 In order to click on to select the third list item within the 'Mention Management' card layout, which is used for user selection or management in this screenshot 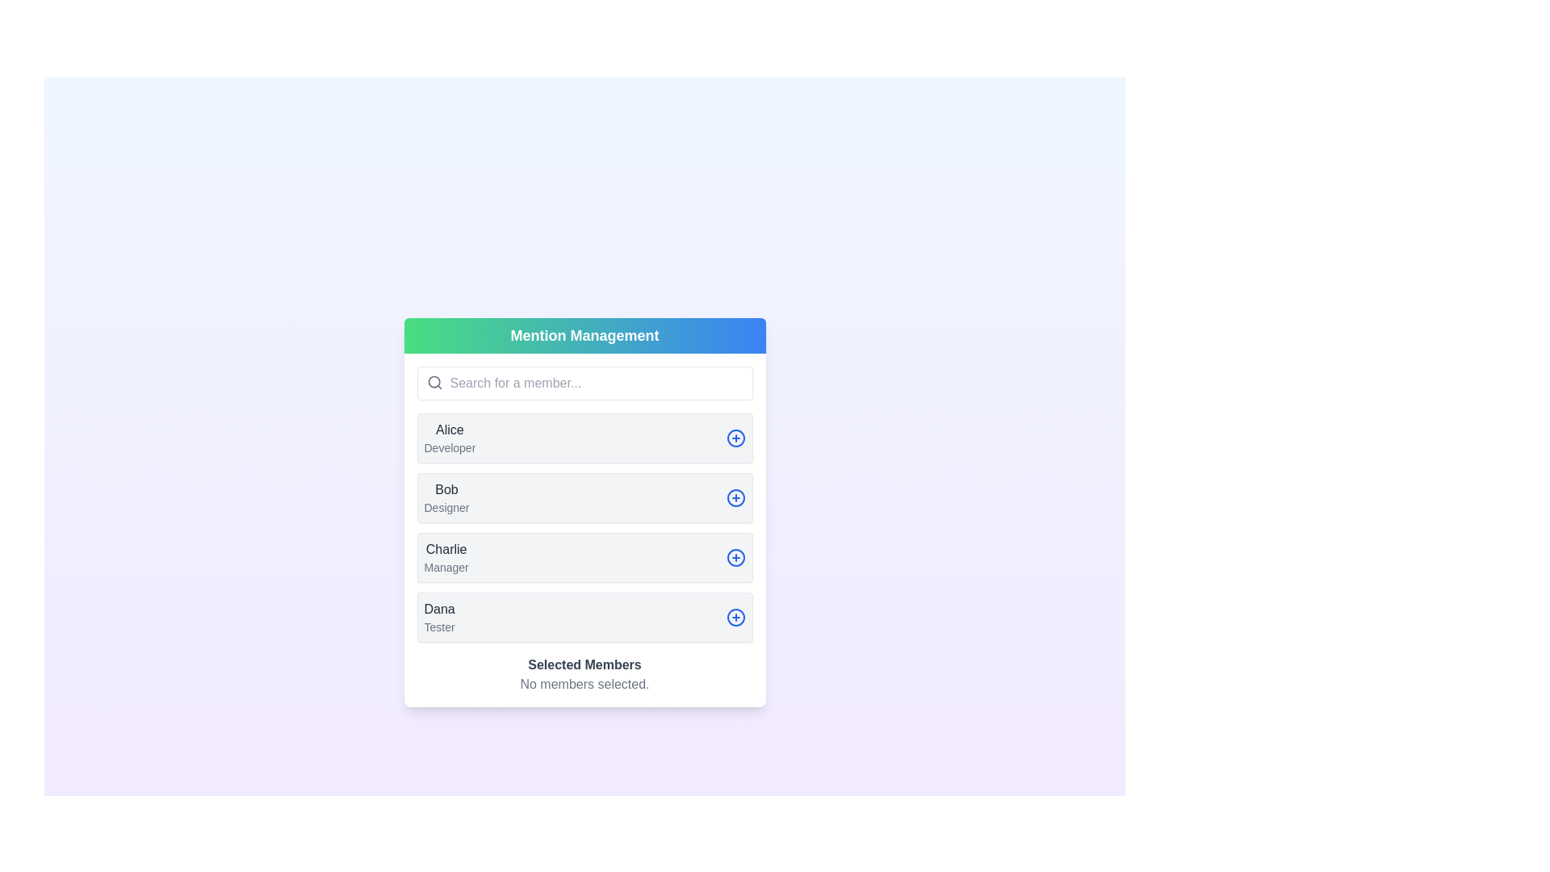, I will do `click(584, 530)`.